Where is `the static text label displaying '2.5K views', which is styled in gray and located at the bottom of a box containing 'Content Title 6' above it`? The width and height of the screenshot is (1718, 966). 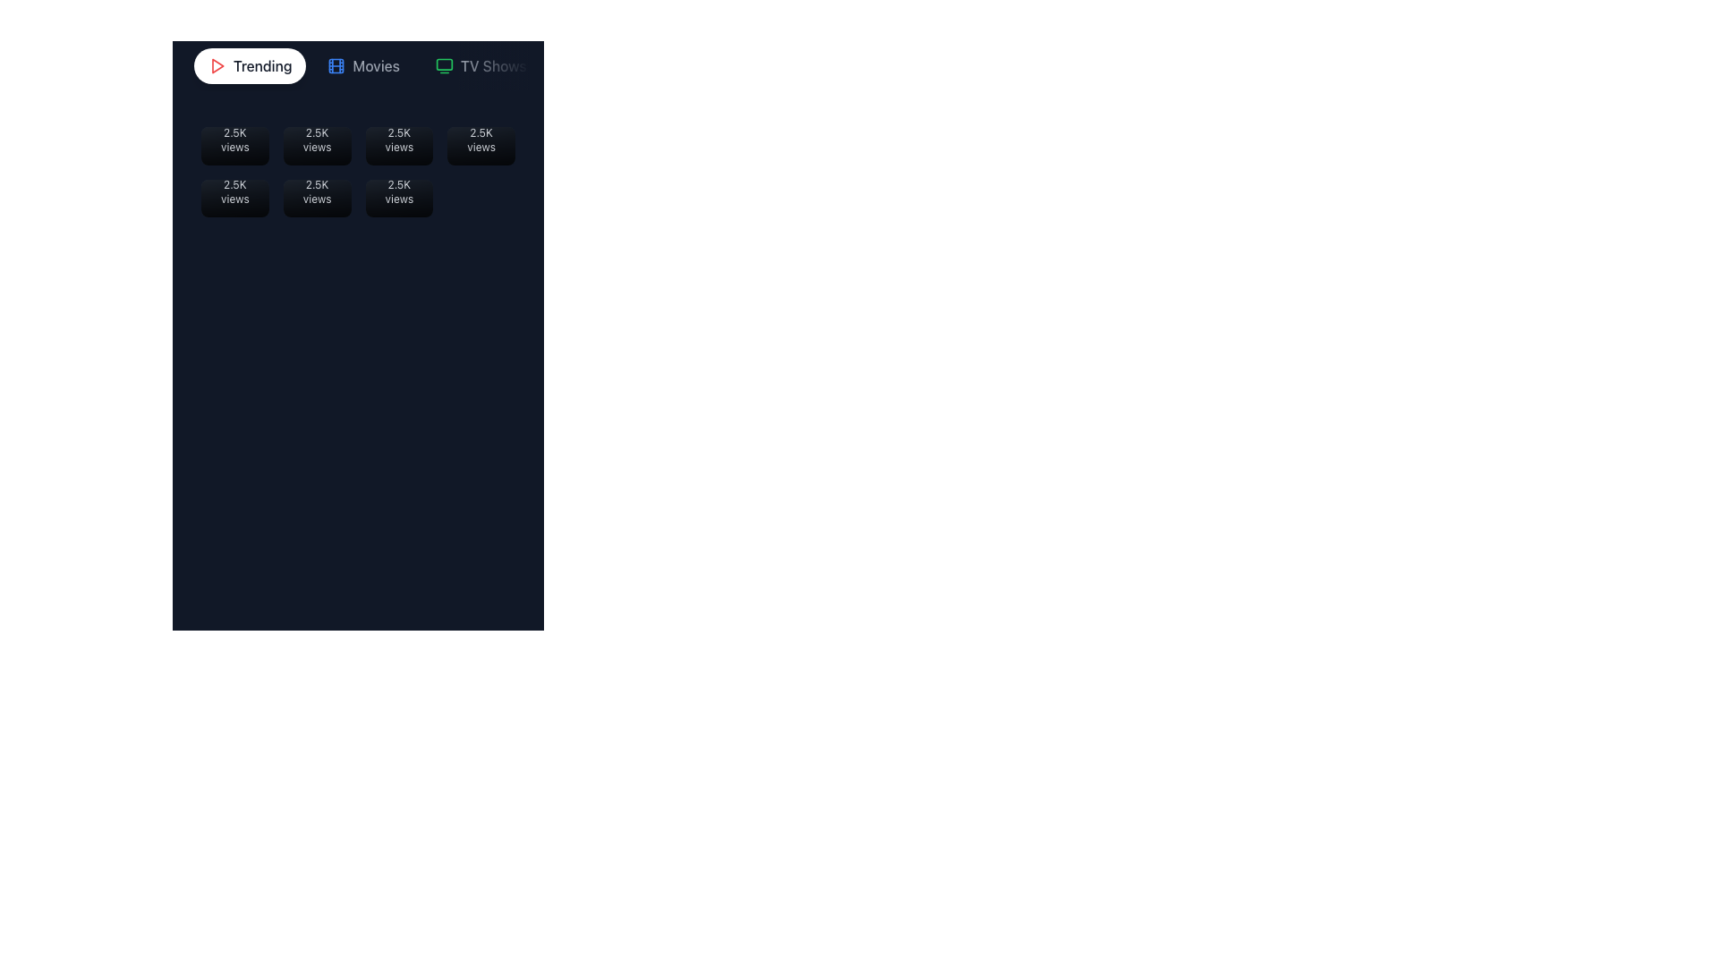 the static text label displaying '2.5K views', which is styled in gray and located at the bottom of a box containing 'Content Title 6' above it is located at coordinates (317, 192).